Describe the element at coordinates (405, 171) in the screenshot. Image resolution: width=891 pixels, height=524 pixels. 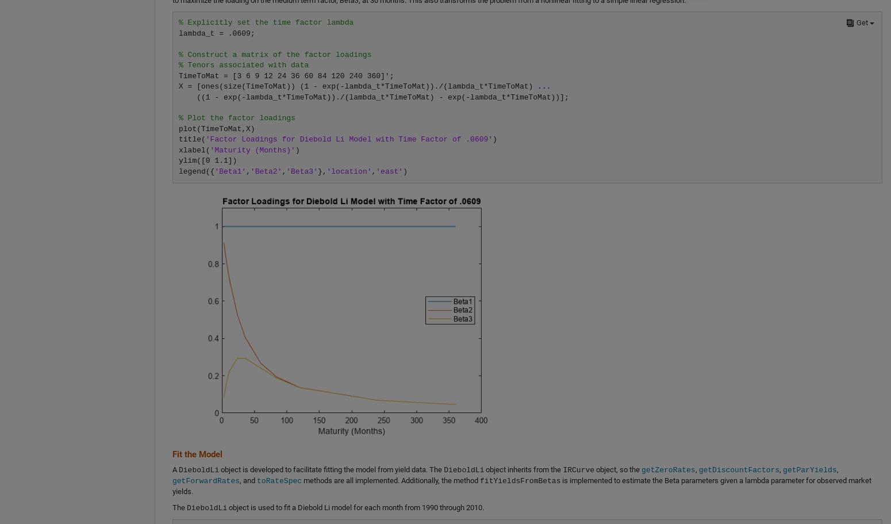
I see `')'` at that location.